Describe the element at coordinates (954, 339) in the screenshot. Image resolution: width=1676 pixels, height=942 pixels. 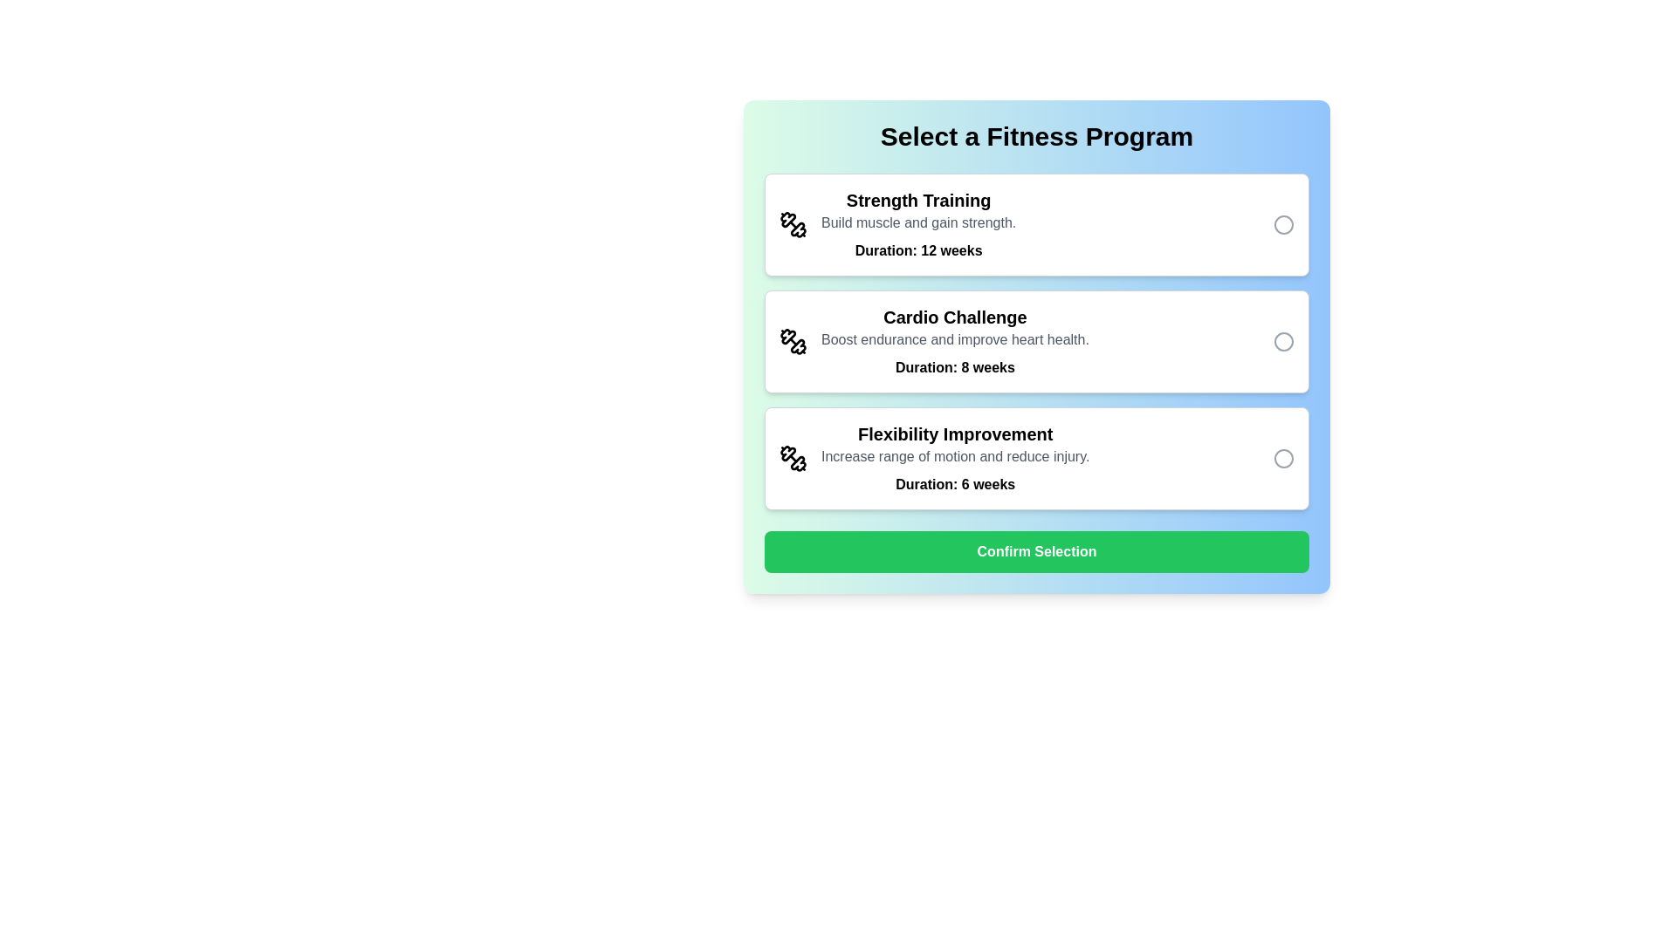
I see `the descriptive text label for the 'Cardio Challenge' program, located between the title and the duration text` at that location.